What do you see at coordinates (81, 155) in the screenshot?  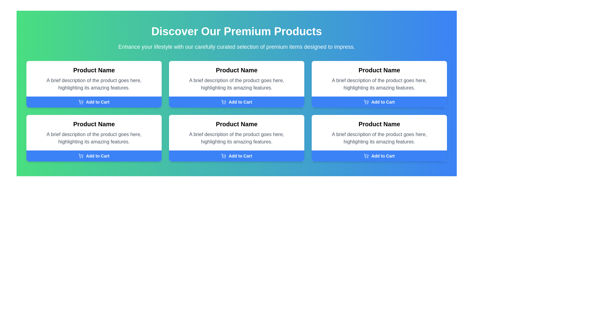 I see `the shopping cart icon within the 'Add to Cart' button located in the bottom-left product card of the grid layout` at bounding box center [81, 155].